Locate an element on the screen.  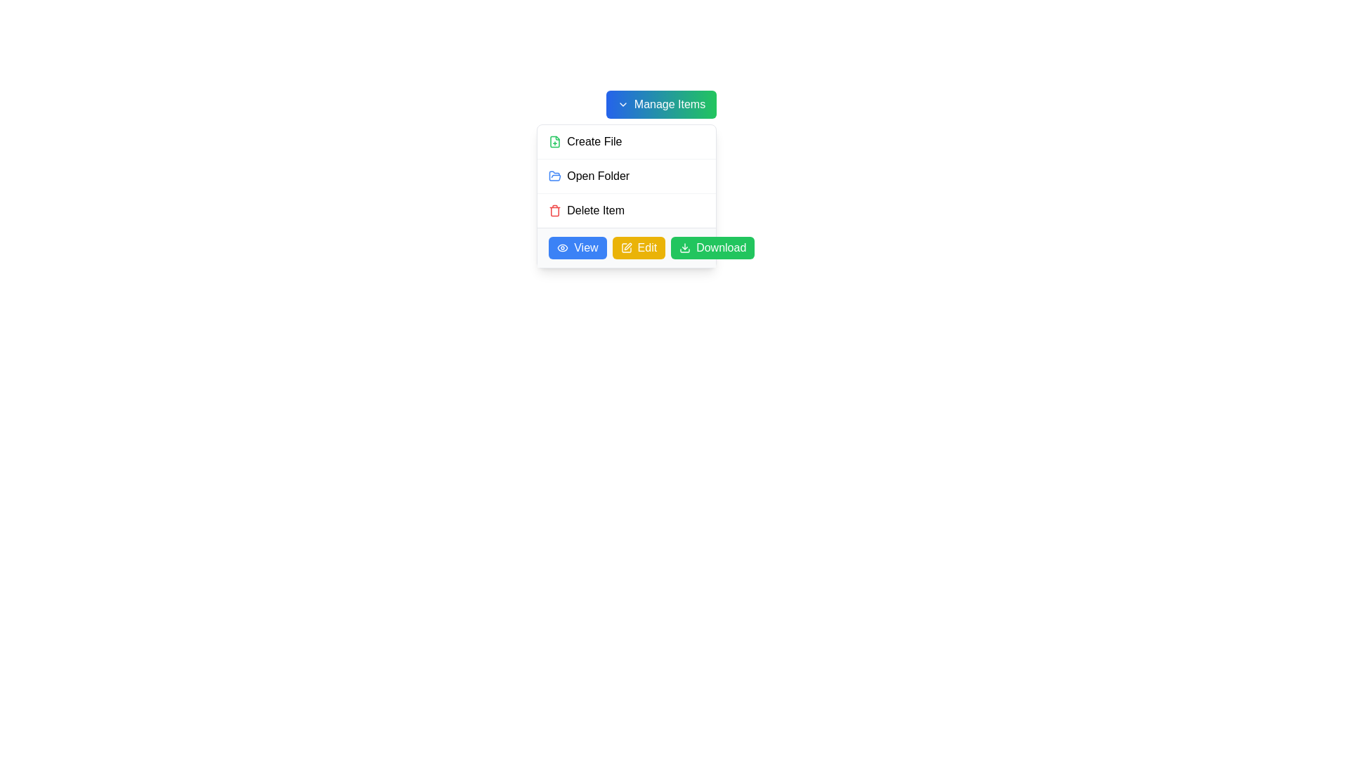
the delete icon located within the 'Delete Item' option in the dropdown menu is located at coordinates (554, 211).